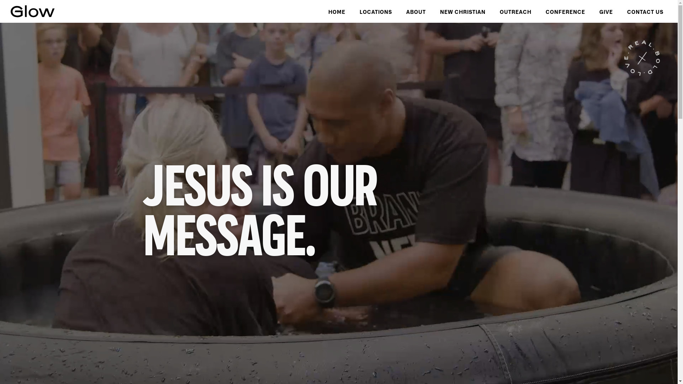 The height and width of the screenshot is (384, 683). I want to click on 'NEW CHRISTIAN', so click(462, 11).